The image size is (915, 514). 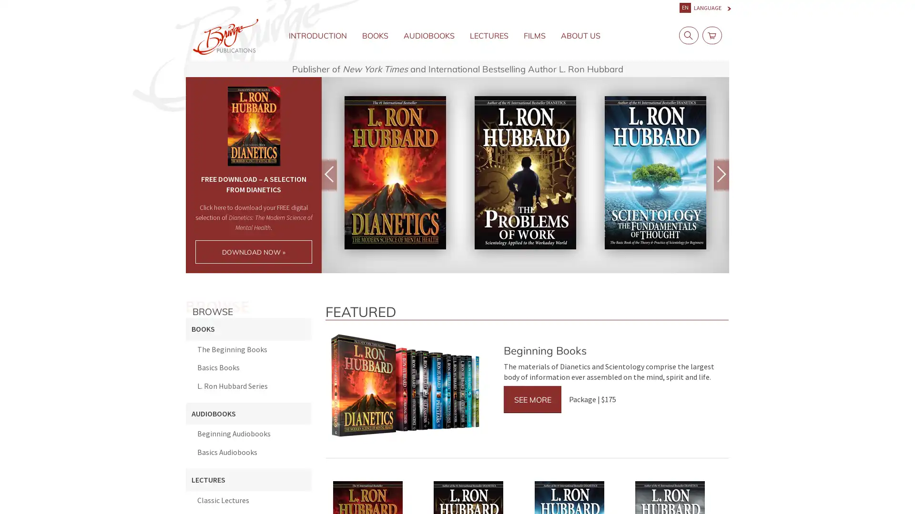 What do you see at coordinates (721, 174) in the screenshot?
I see `Next slide` at bounding box center [721, 174].